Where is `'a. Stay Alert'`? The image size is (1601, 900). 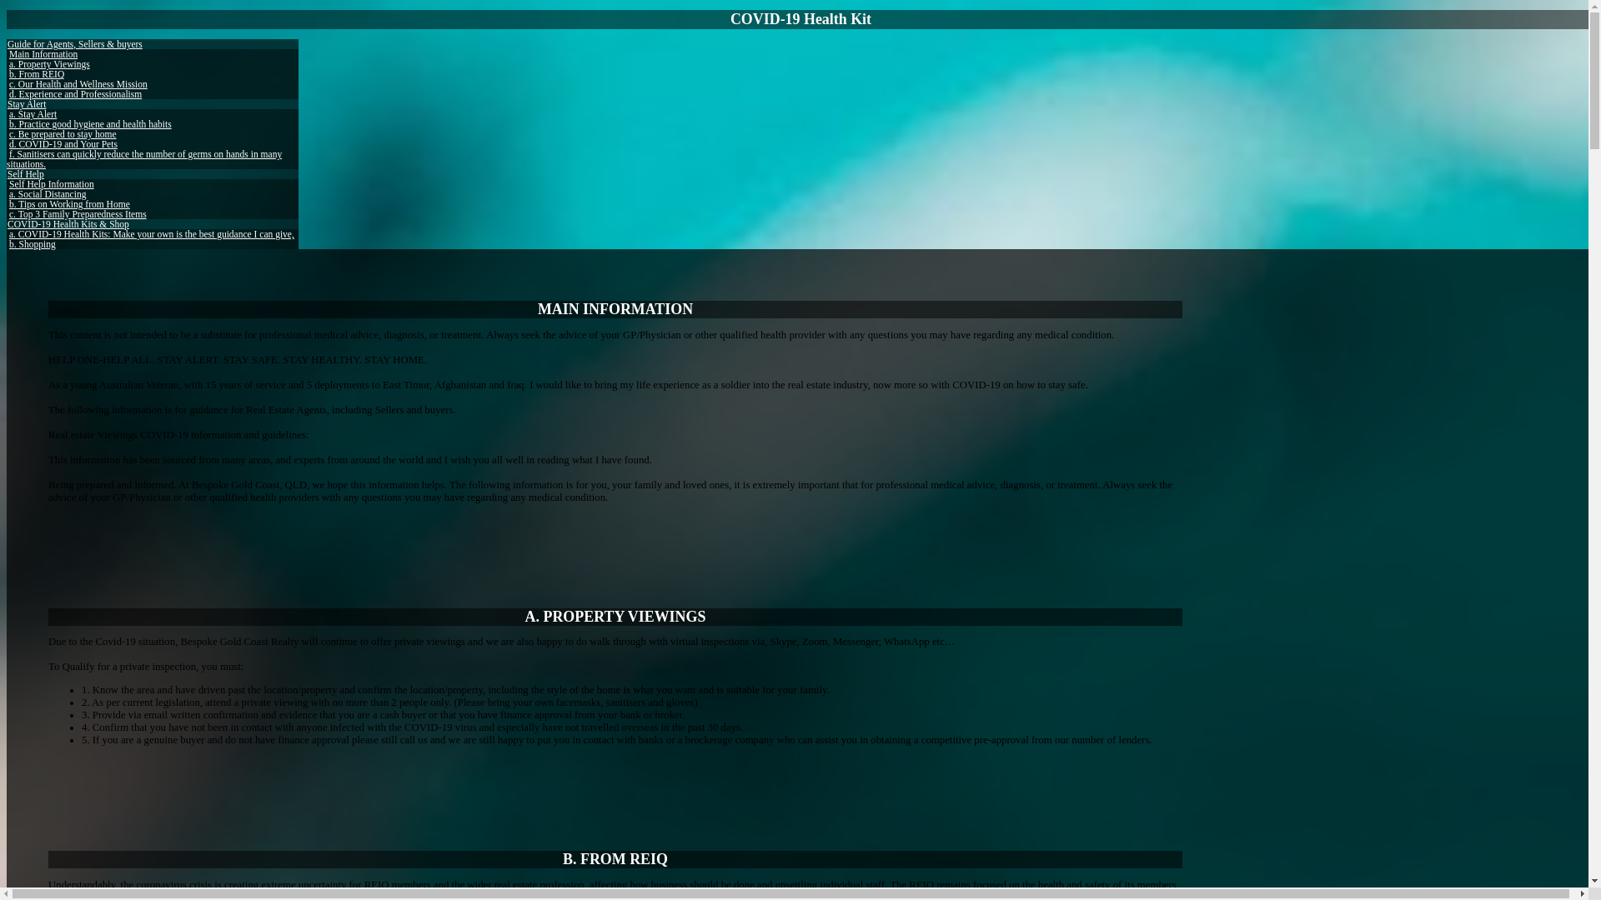 'a. Stay Alert' is located at coordinates (33, 113).